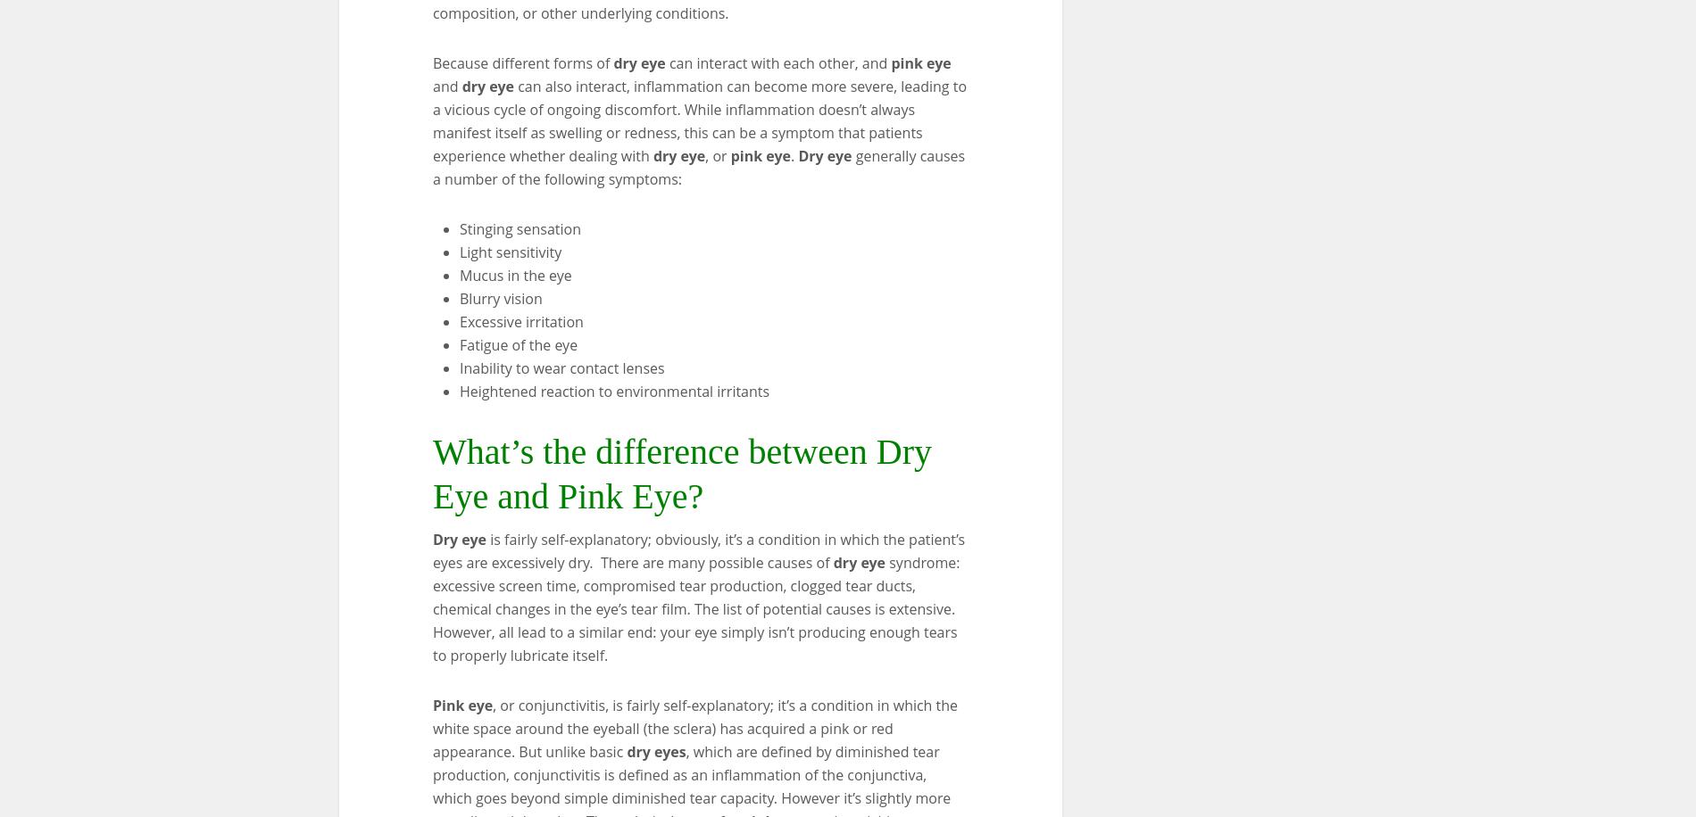 The image size is (1696, 817). Describe the element at coordinates (789, 154) in the screenshot. I see `'.'` at that location.